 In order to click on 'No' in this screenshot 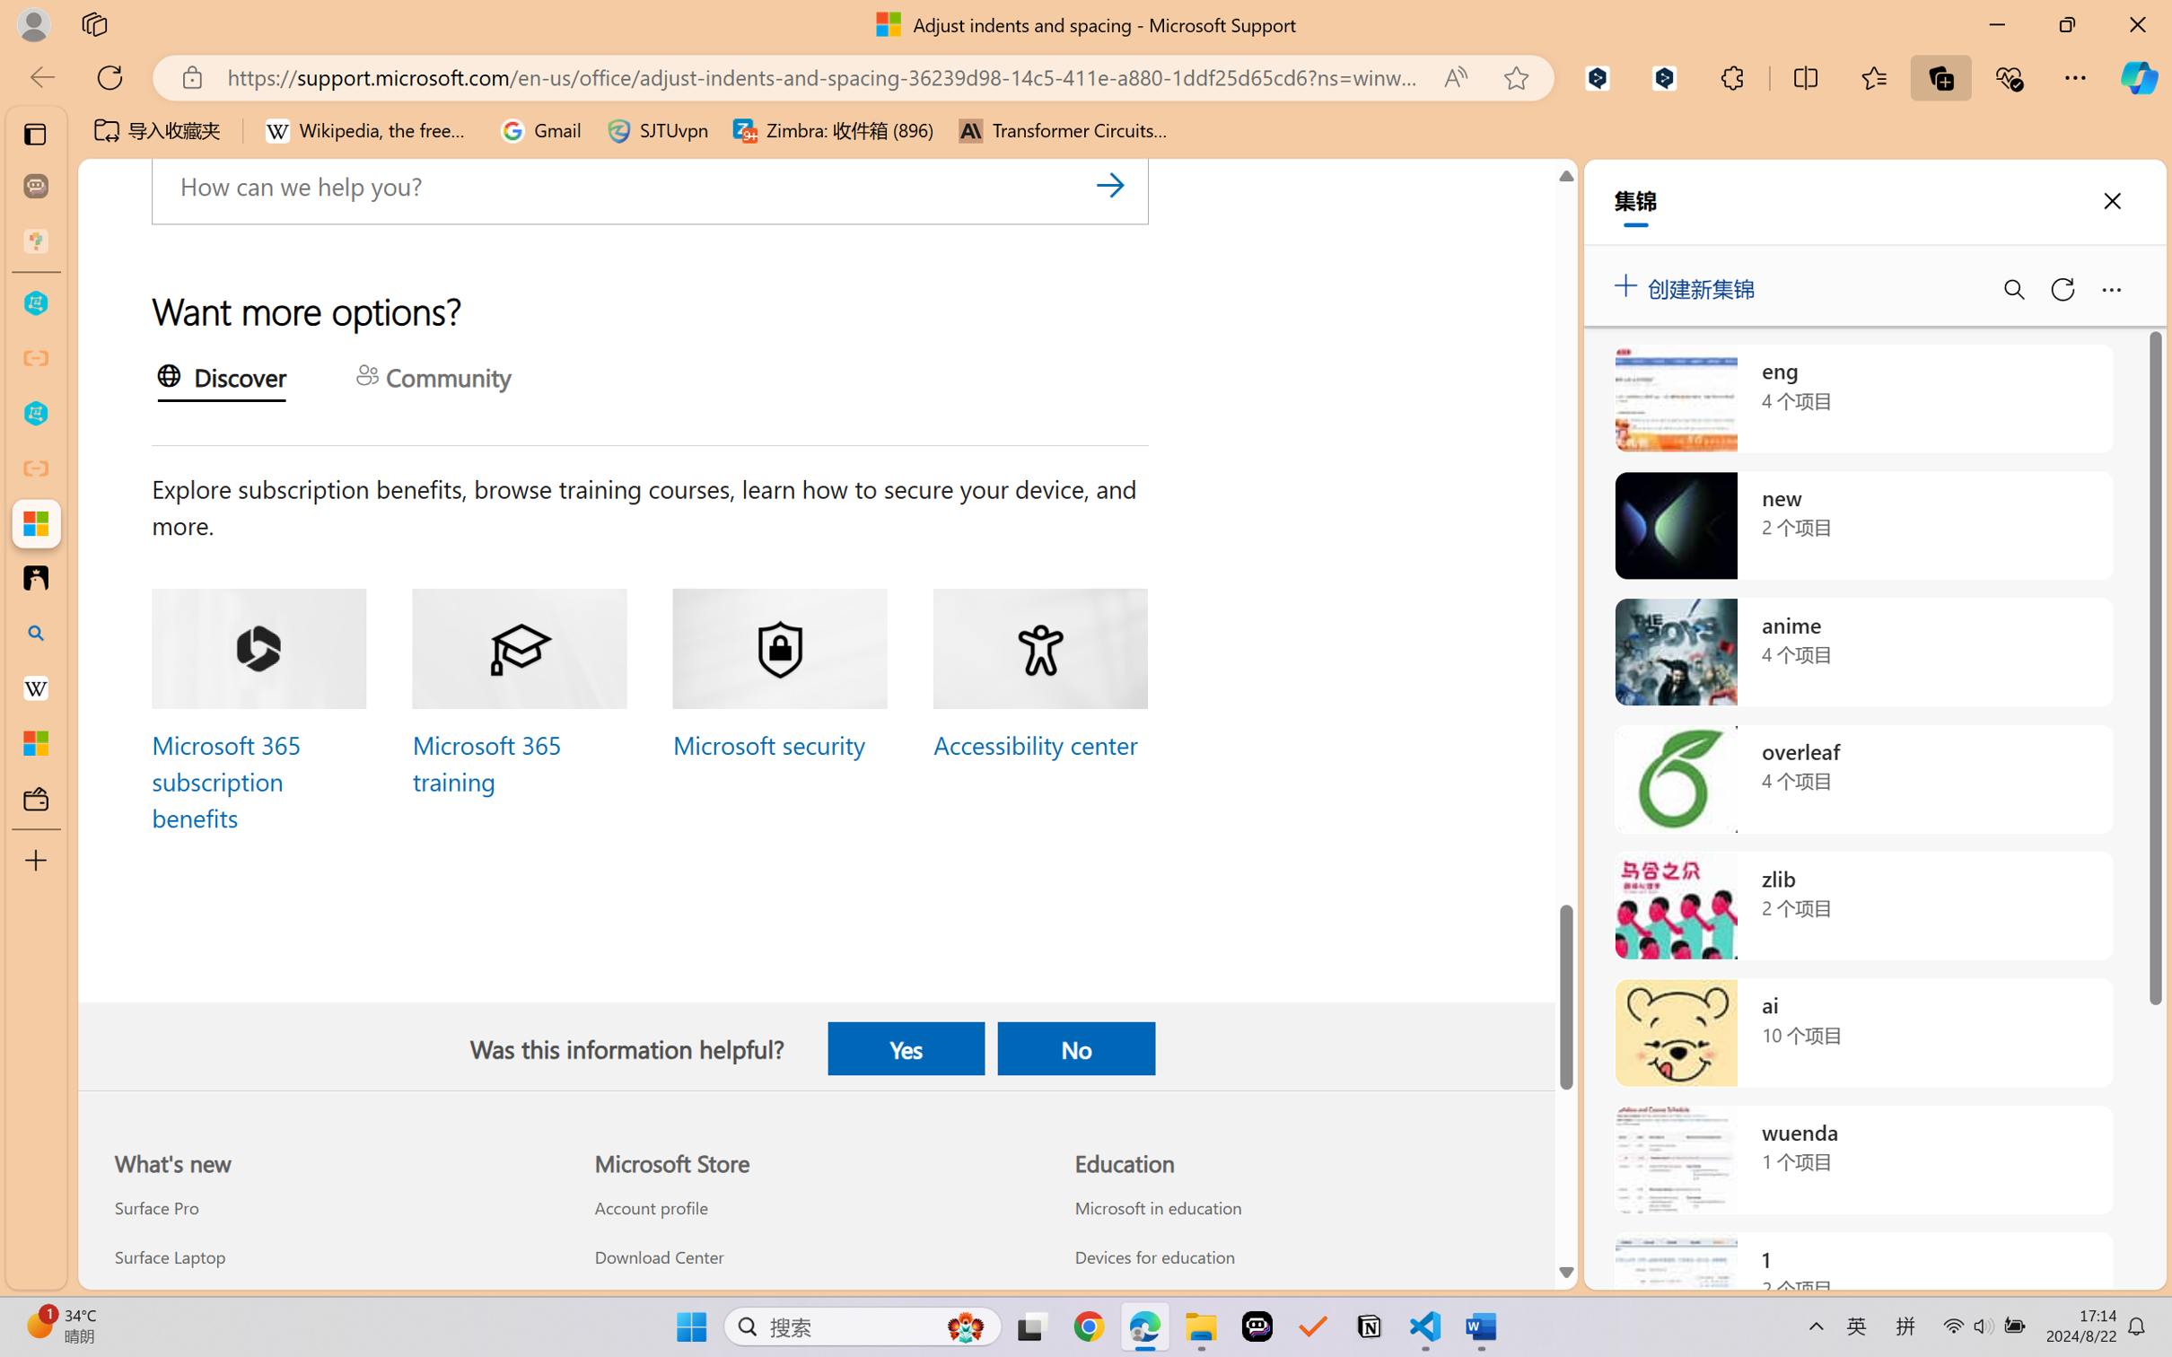, I will do `click(1075, 1047)`.